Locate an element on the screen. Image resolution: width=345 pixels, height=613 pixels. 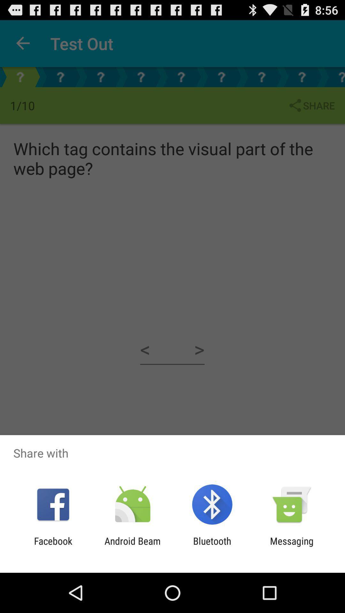
bluetooth item is located at coordinates (212, 546).